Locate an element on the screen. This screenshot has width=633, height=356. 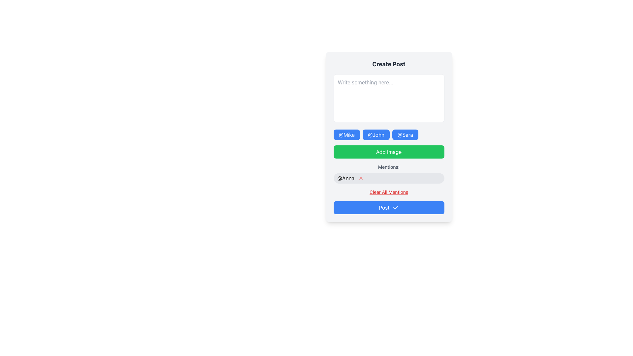
the submit button located at the bottom of the card, directly below the 'Clear All Mentions' link is located at coordinates (389, 207).